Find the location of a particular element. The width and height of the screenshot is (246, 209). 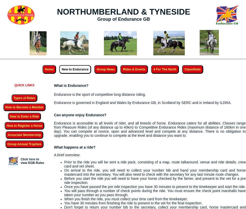

'Endurance is the sport of competitive long
distance riding.' is located at coordinates (100, 94).